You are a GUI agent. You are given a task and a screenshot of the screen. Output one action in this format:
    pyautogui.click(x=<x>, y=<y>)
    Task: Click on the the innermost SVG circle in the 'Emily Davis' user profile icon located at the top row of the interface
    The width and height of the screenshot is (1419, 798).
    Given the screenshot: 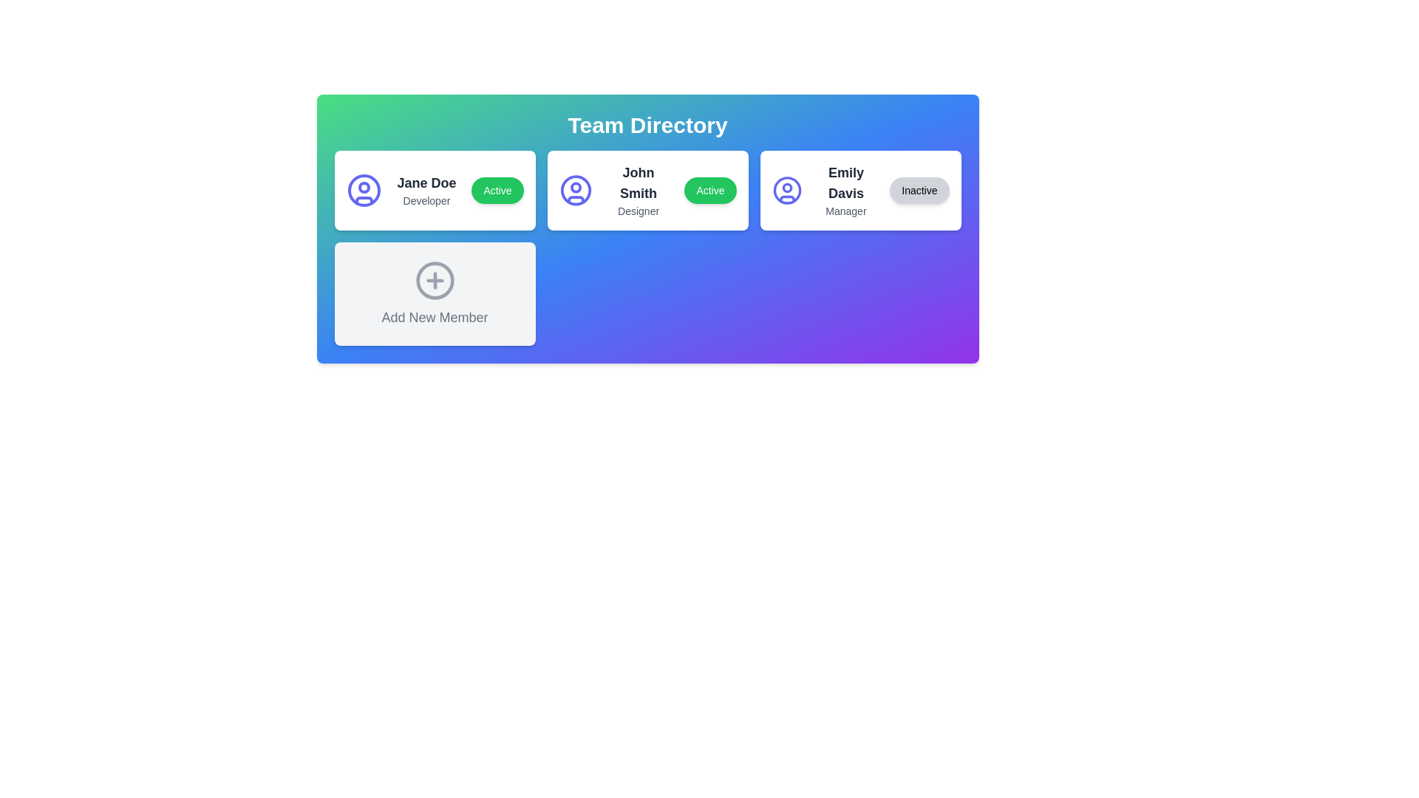 What is the action you would take?
    pyautogui.click(x=786, y=187)
    